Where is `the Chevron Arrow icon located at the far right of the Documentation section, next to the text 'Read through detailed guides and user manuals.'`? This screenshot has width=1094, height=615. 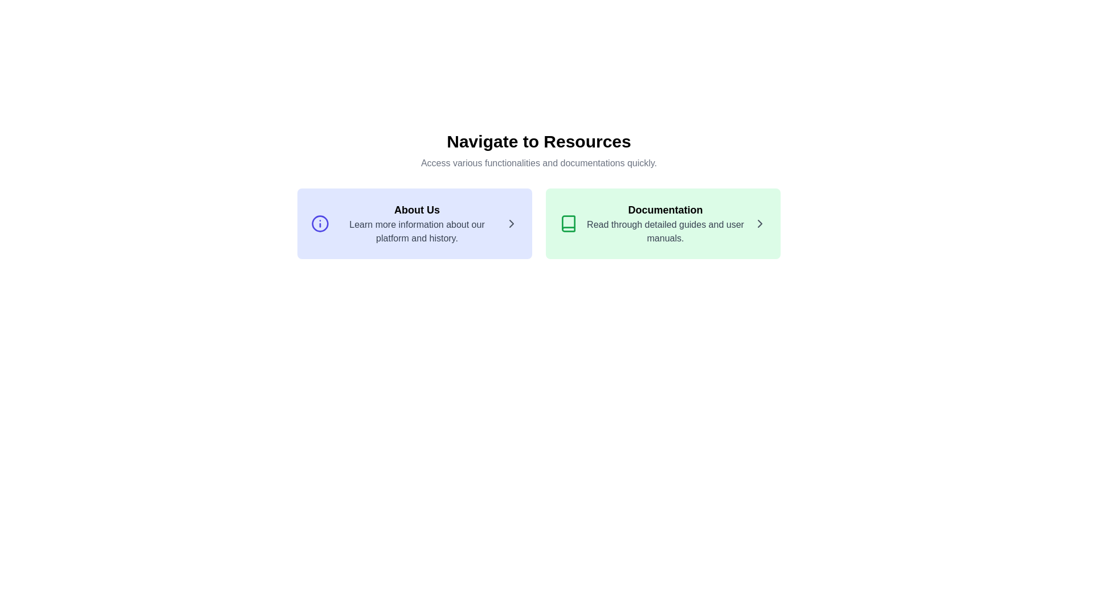 the Chevron Arrow icon located at the far right of the Documentation section, next to the text 'Read through detailed guides and user manuals.' is located at coordinates (760, 224).